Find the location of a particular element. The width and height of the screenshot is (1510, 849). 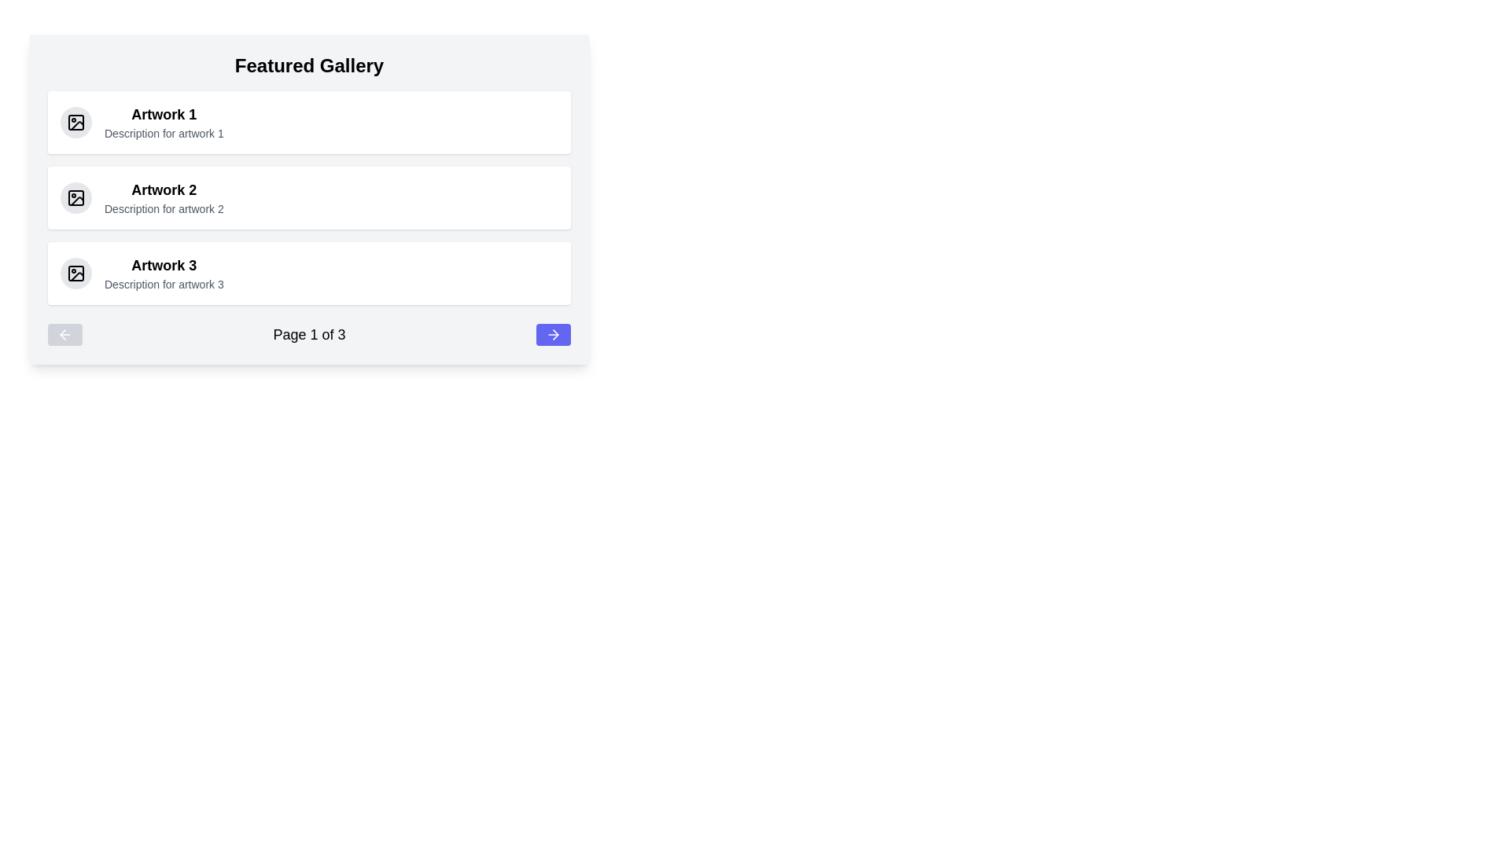

the text display block that shows the name and description of the first artwork in the featured gallery list, located under the 'Featured Gallery' title is located at coordinates (164, 121).